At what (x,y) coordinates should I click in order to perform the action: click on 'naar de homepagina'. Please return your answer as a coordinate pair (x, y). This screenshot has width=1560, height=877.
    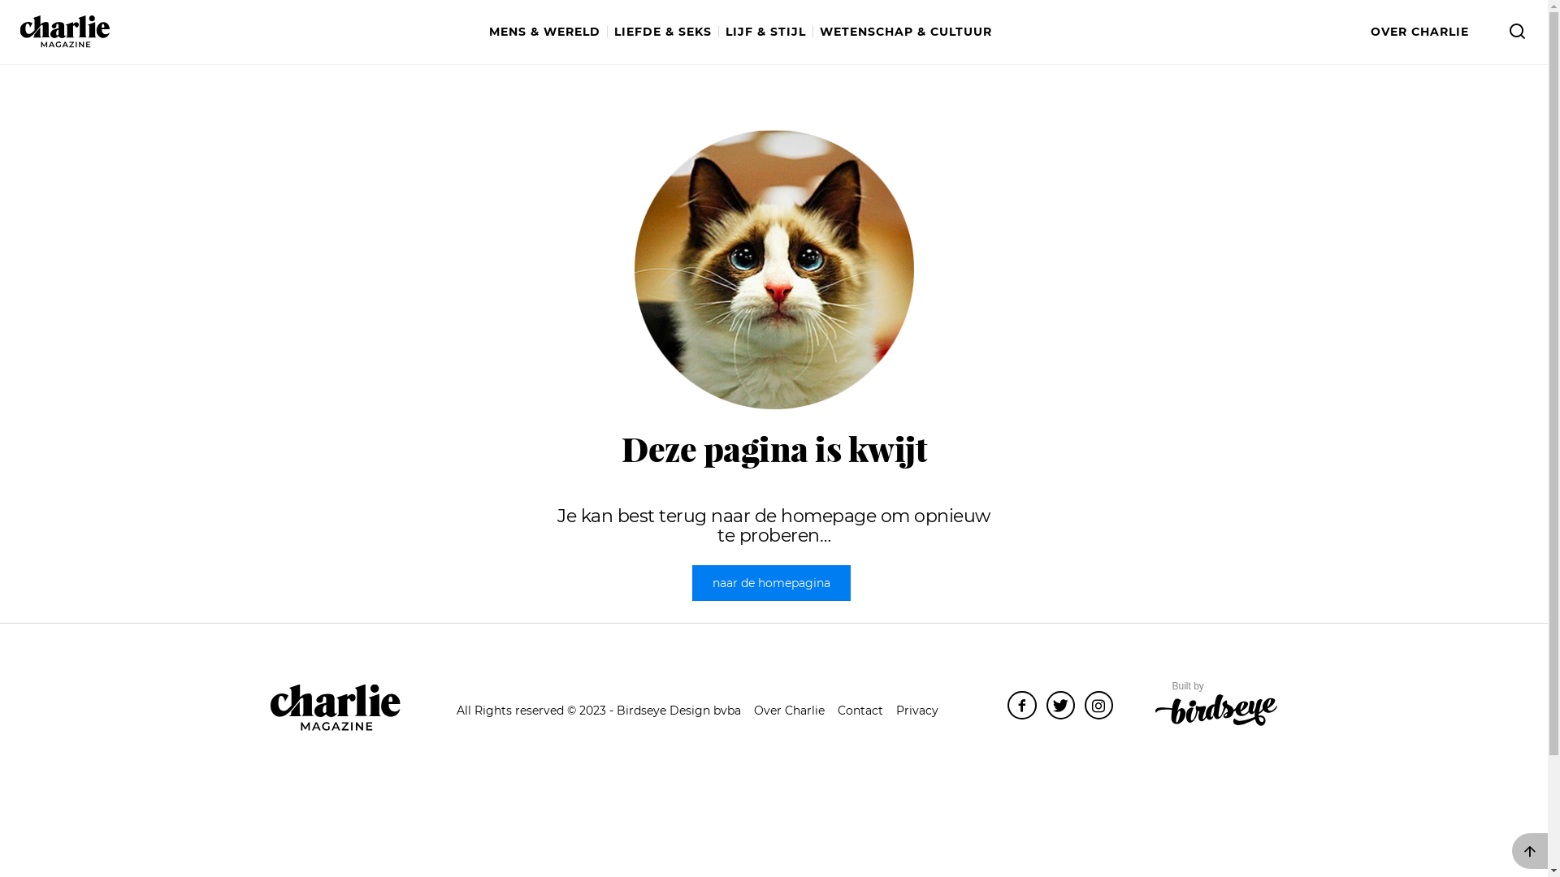
    Looking at the image, I should click on (770, 581).